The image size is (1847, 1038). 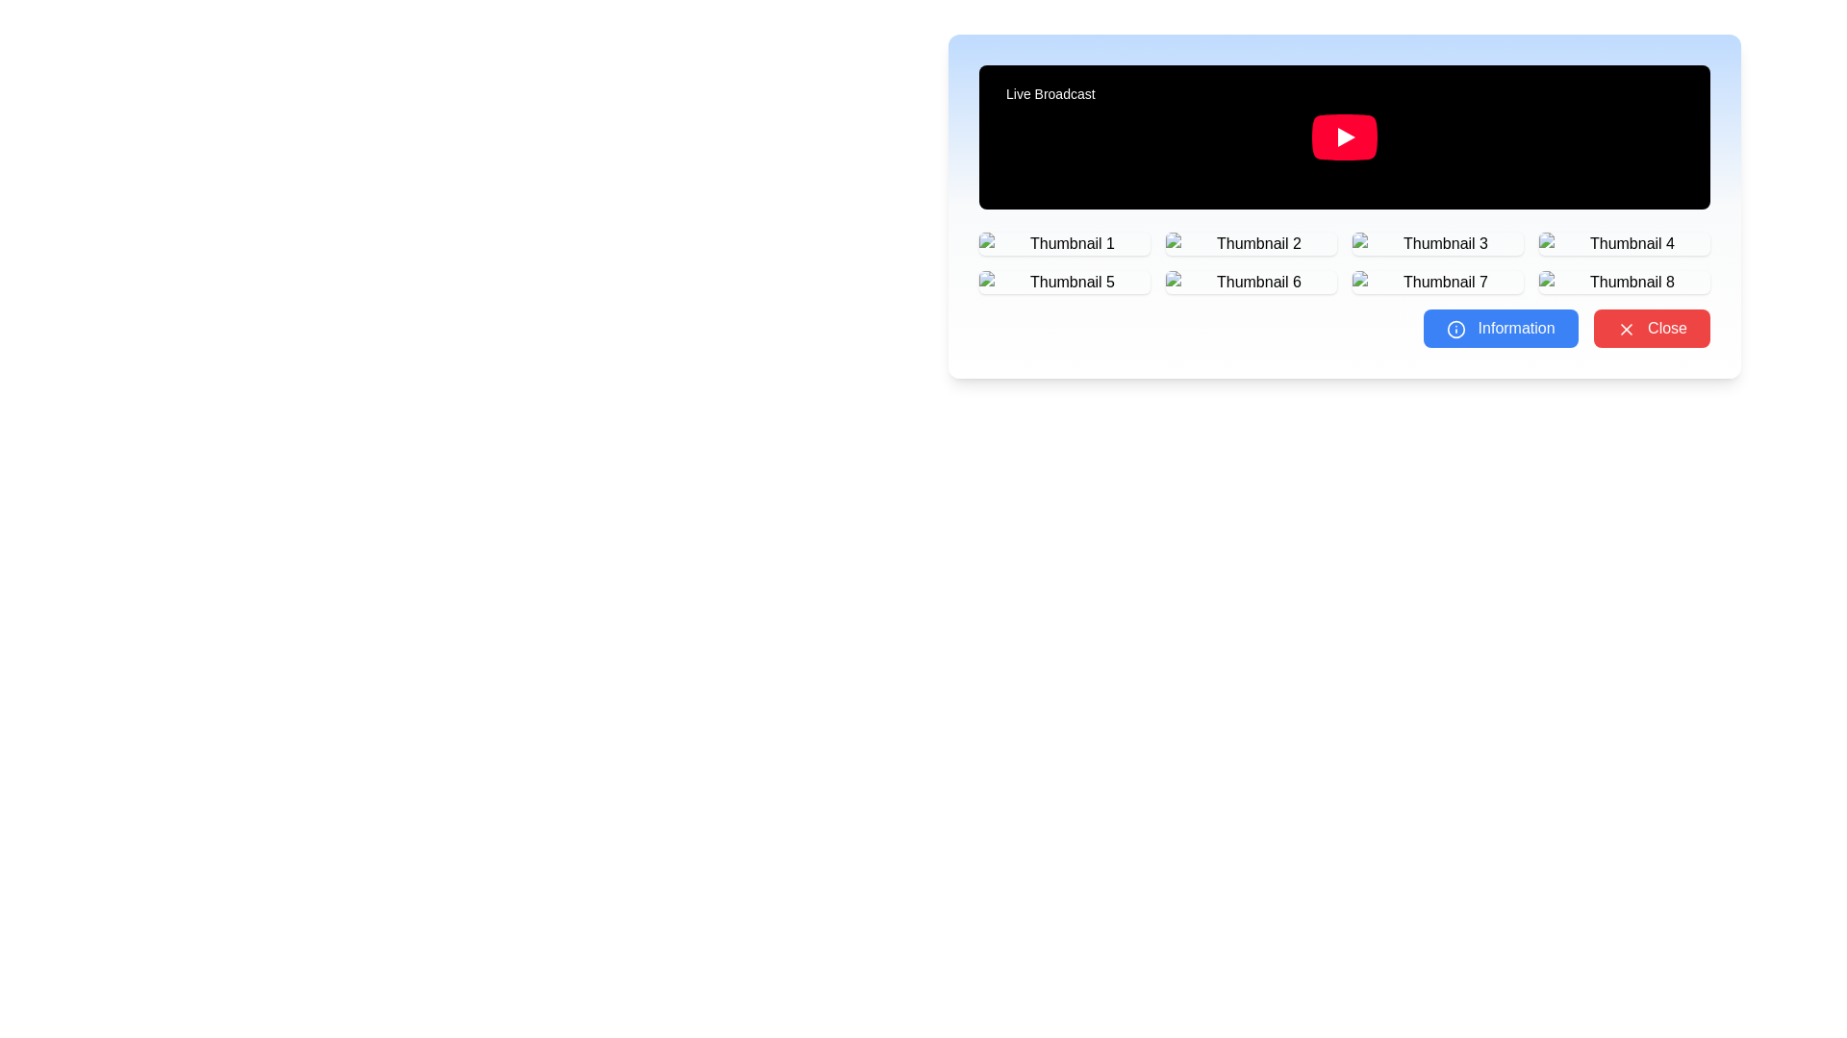 I want to click on the circular icon border of the play button for the video thumbnail labeled 'Thumbnail 8' located, so click(x=1624, y=282).